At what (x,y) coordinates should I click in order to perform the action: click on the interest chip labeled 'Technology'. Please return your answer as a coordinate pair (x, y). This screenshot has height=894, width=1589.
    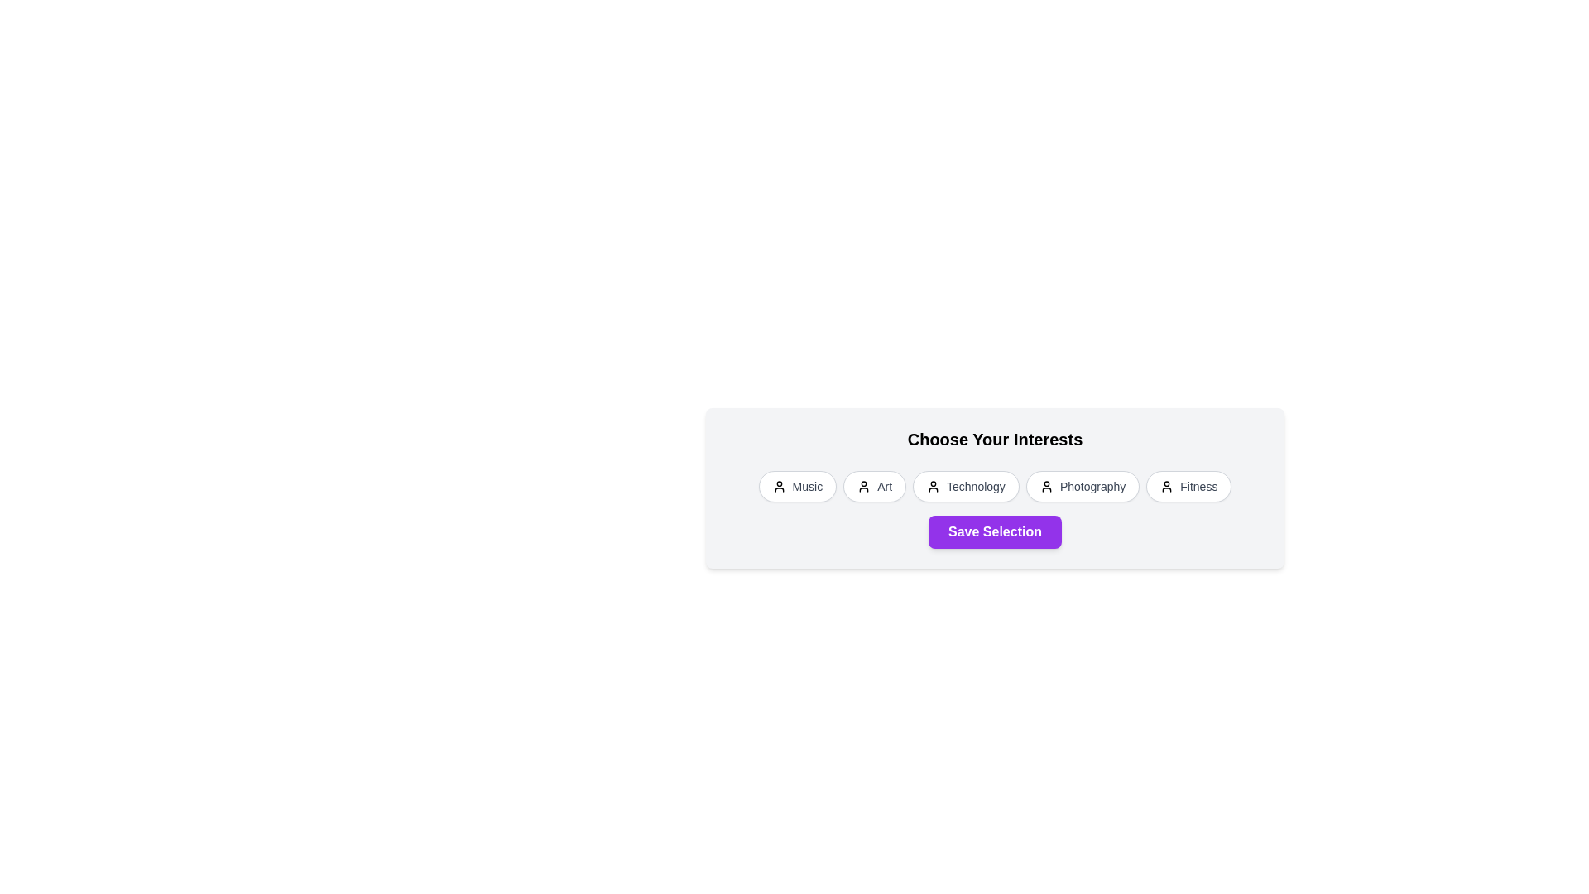
    Looking at the image, I should click on (966, 485).